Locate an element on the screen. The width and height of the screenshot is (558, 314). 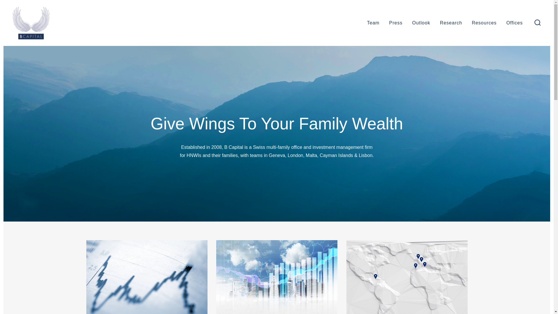
'search toggle' is located at coordinates (531, 23).